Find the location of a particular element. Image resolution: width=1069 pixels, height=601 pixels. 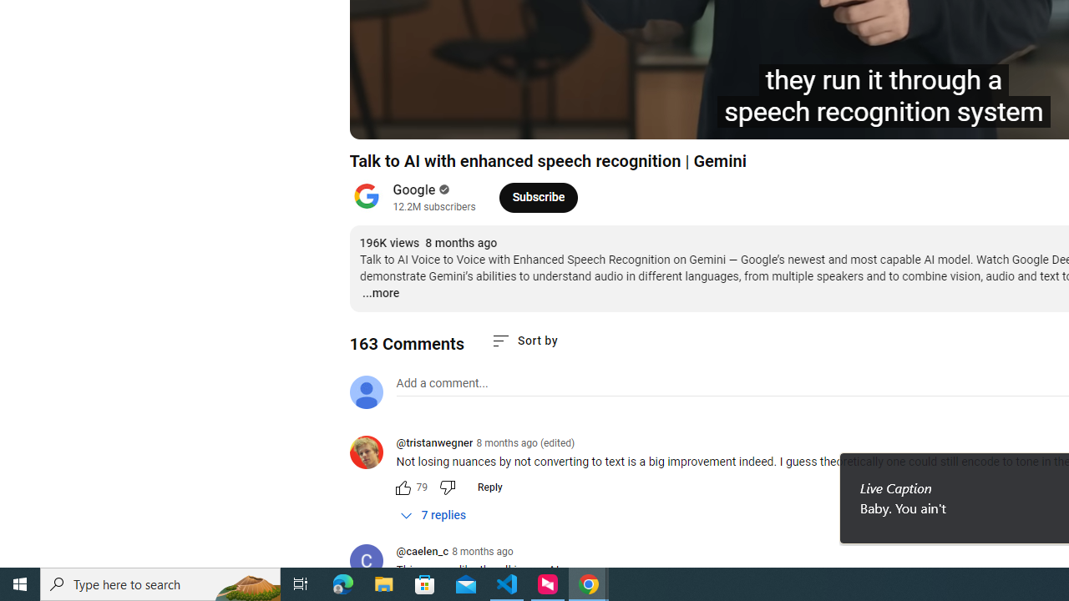

'AutomationID: simplebox-placeholder' is located at coordinates (442, 383).